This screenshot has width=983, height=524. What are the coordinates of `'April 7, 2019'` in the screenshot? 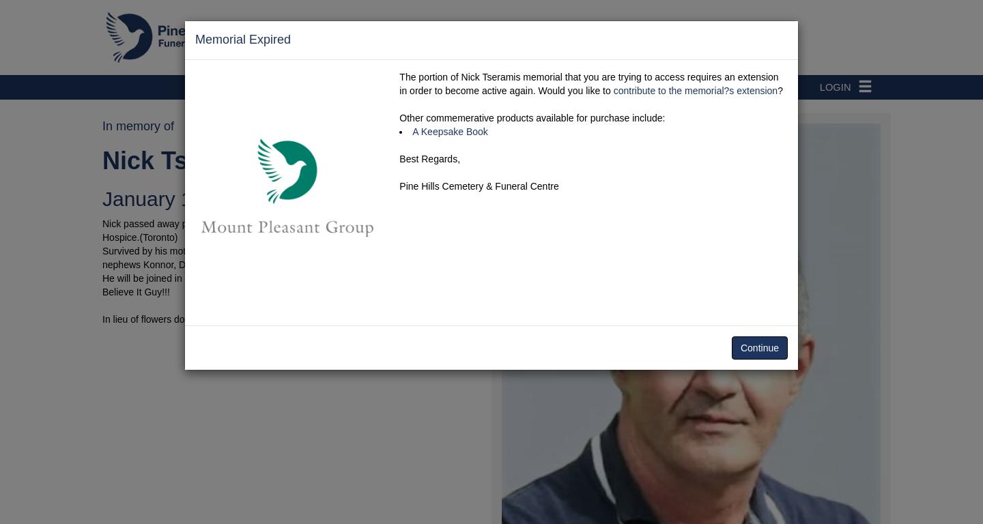 It's located at (339, 199).